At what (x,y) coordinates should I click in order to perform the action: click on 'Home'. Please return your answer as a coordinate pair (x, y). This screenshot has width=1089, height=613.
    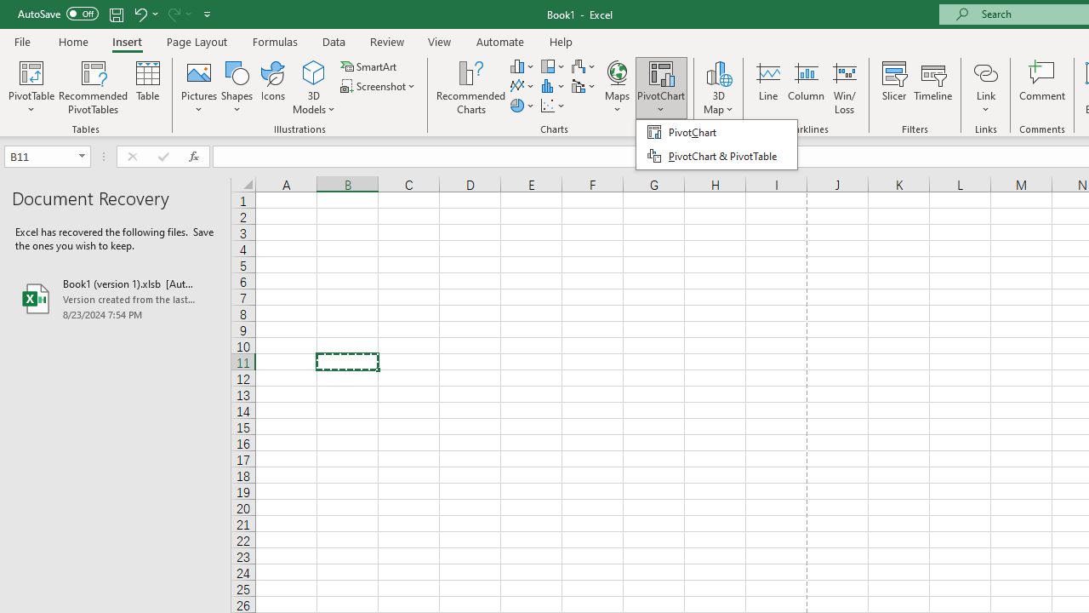
    Looking at the image, I should click on (72, 41).